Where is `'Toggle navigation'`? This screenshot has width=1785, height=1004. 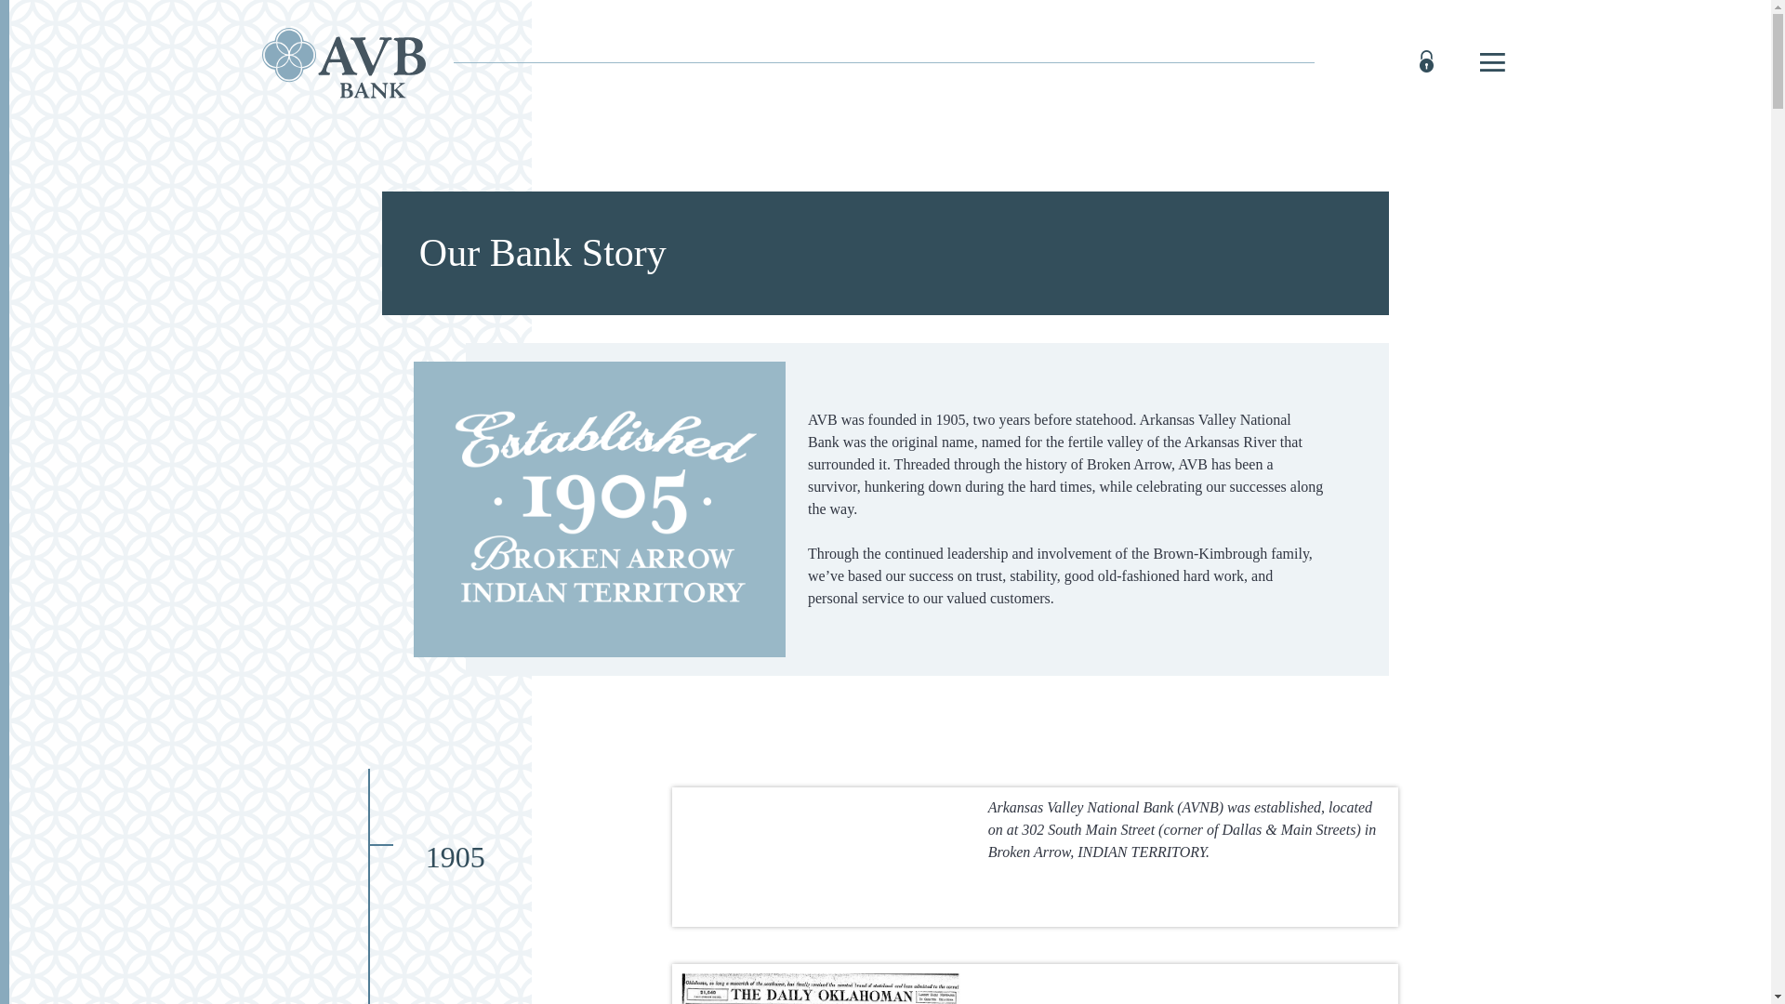
'Toggle navigation' is located at coordinates (1491, 62).